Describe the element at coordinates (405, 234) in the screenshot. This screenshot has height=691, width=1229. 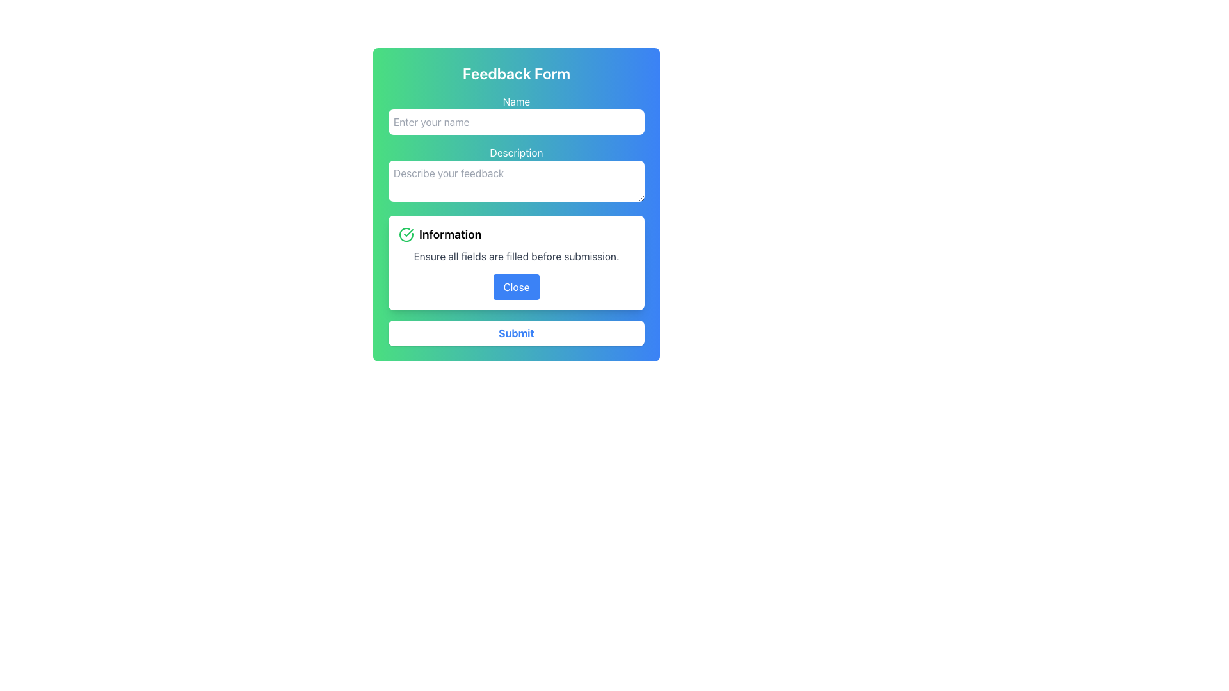
I see `the green circular boundary of the SVG icon located at the top-left side of the white information box` at that location.